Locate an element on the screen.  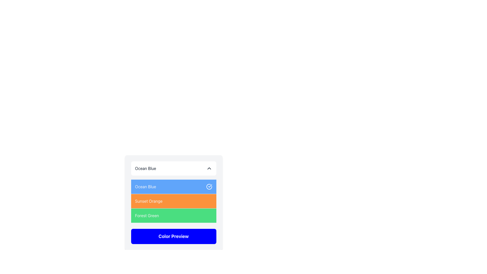
the first selectable option labeled 'Ocean Blue' within the vertical menu to observe the hover effect is located at coordinates (173, 187).